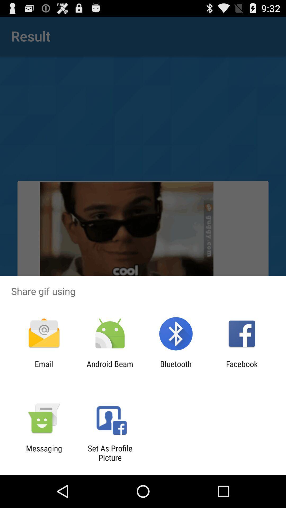 The height and width of the screenshot is (508, 286). Describe the element at coordinates (110, 368) in the screenshot. I see `the item to the right of email` at that location.